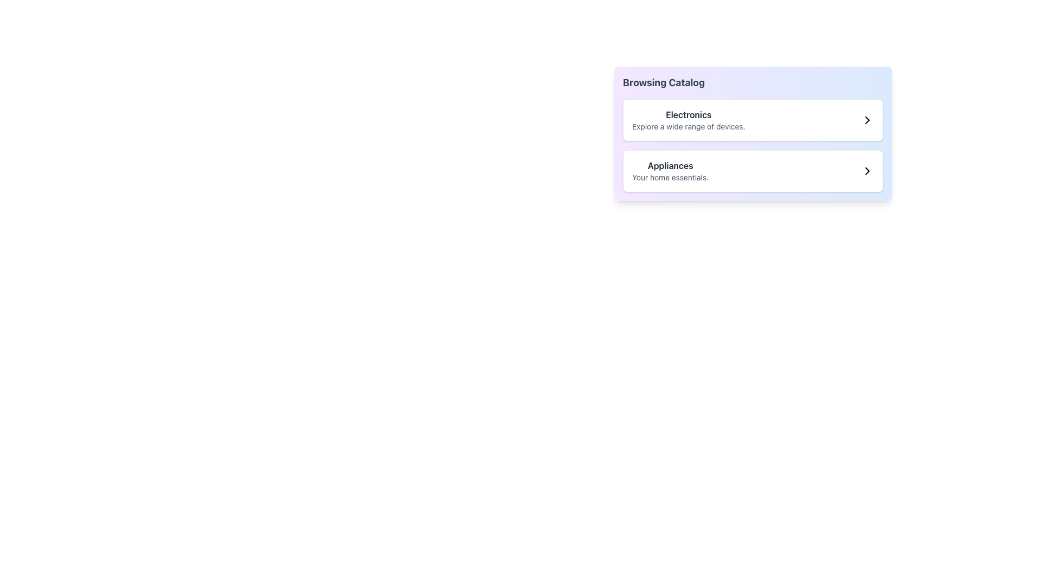 The width and height of the screenshot is (1041, 585). What do you see at coordinates (688, 120) in the screenshot?
I see `the 'Electronics' Text Display element which shows 'Explore a wide range of devices.' for additional actions` at bounding box center [688, 120].